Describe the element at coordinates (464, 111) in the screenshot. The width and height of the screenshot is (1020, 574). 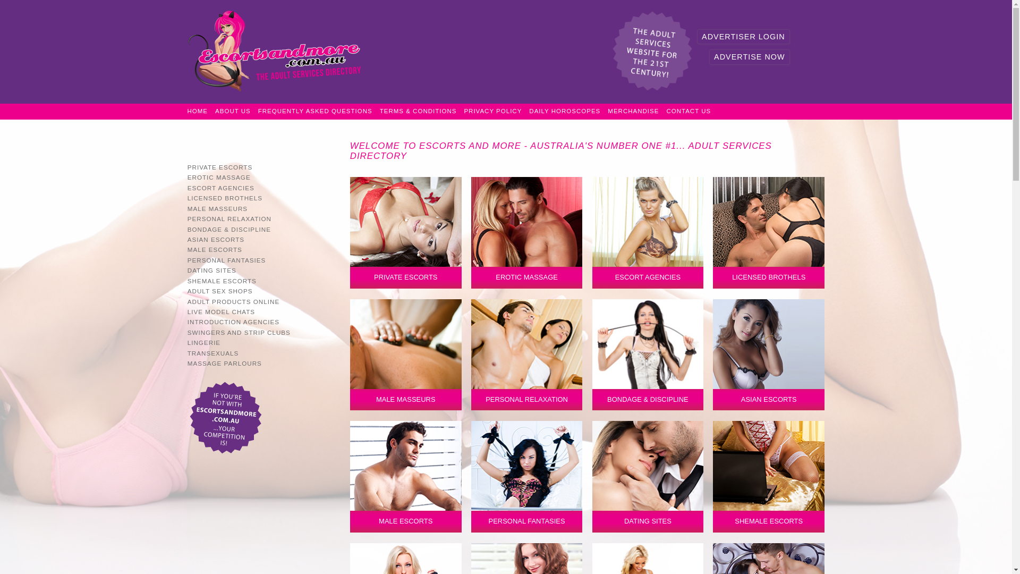
I see `'PRIVACY POLICY'` at that location.